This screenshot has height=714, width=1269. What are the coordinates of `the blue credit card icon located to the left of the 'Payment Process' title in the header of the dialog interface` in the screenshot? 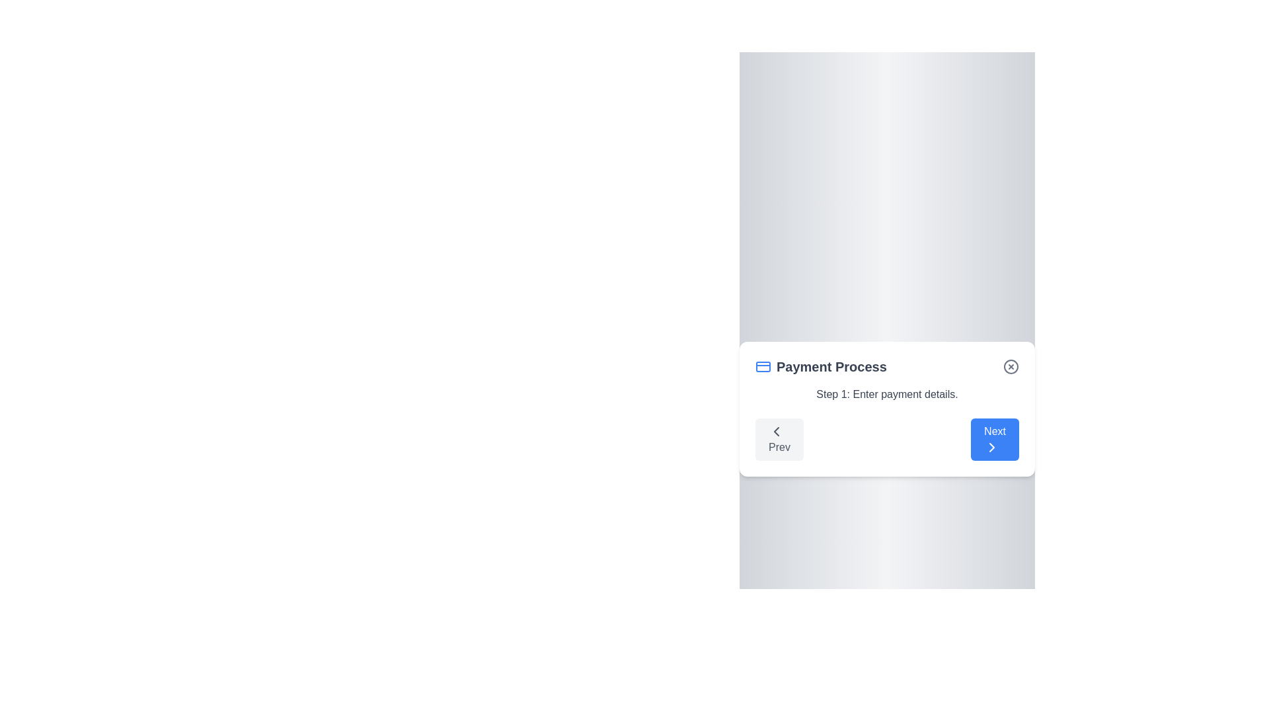 It's located at (763, 367).